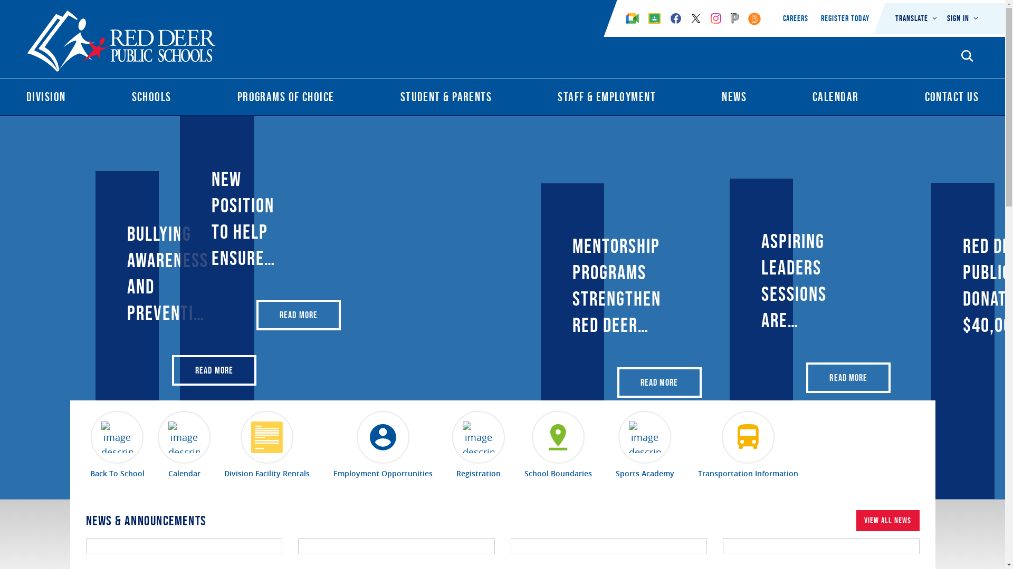  Describe the element at coordinates (617, 286) in the screenshot. I see `'Mentorship programs strengthen Red Deer Public Schools'` at that location.